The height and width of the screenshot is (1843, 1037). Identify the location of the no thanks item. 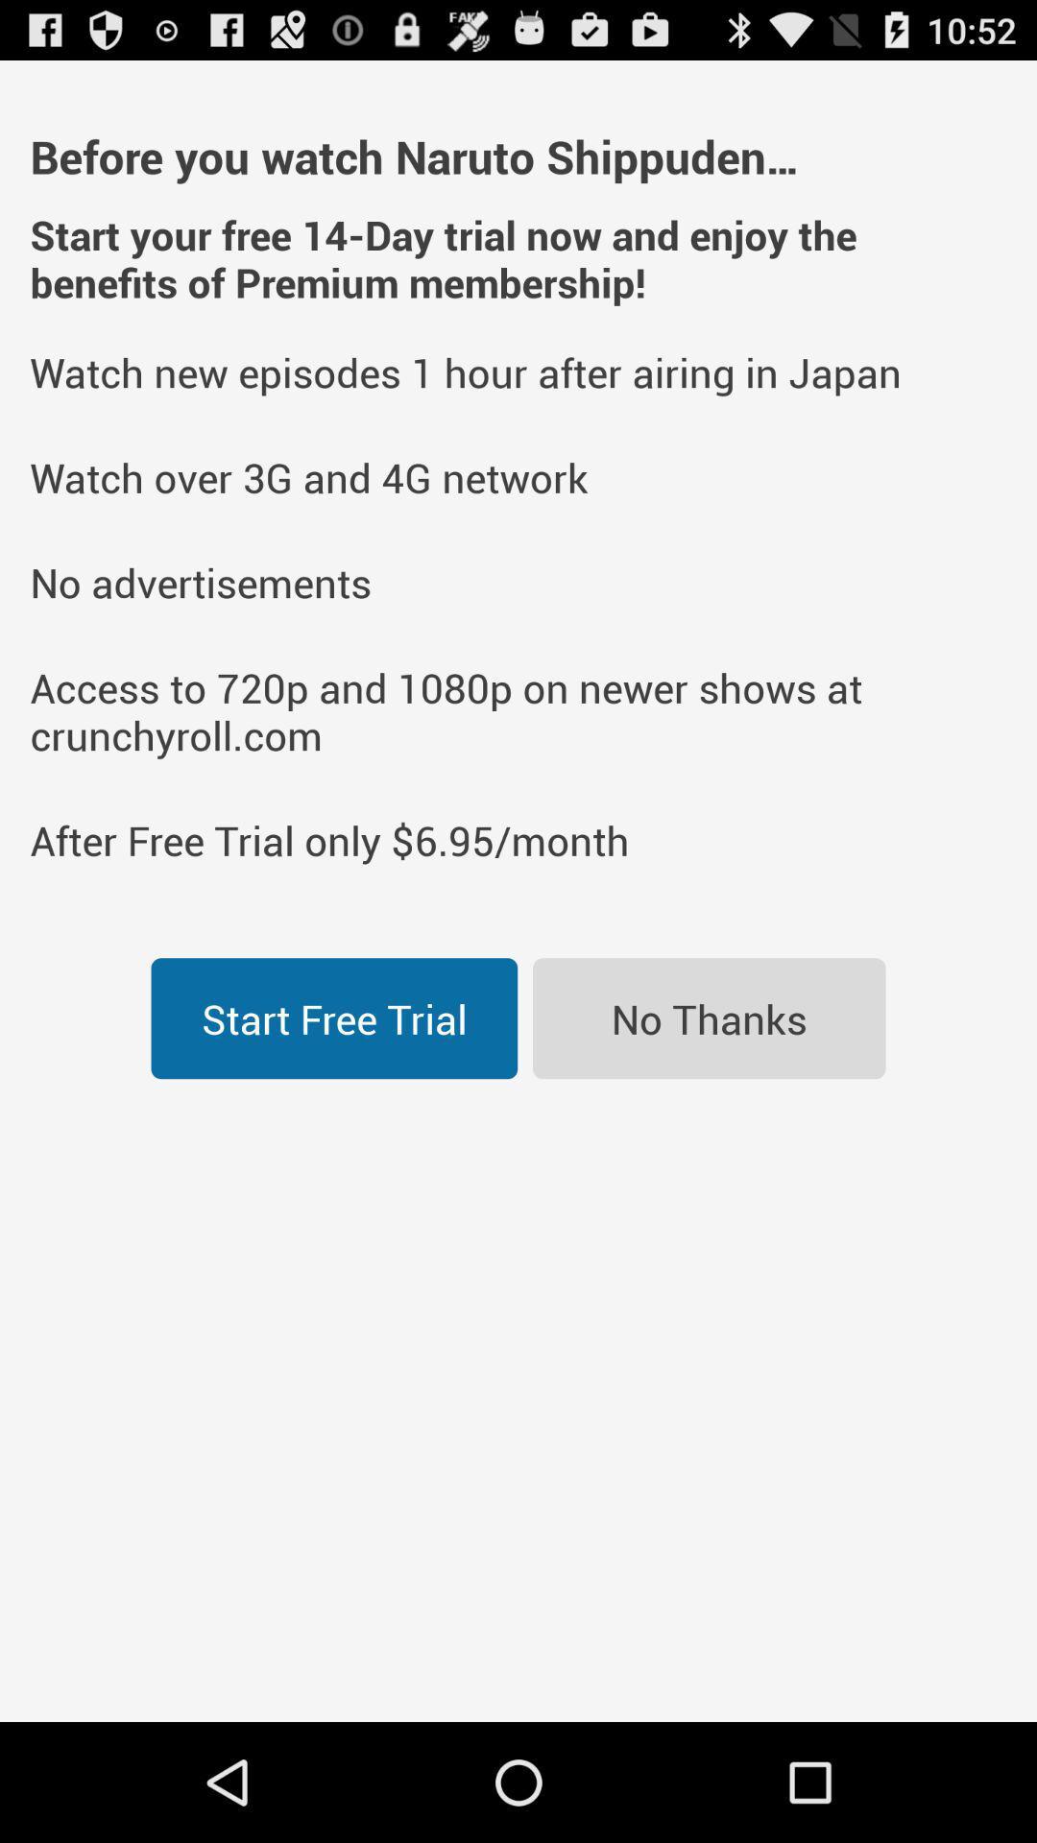
(709, 1017).